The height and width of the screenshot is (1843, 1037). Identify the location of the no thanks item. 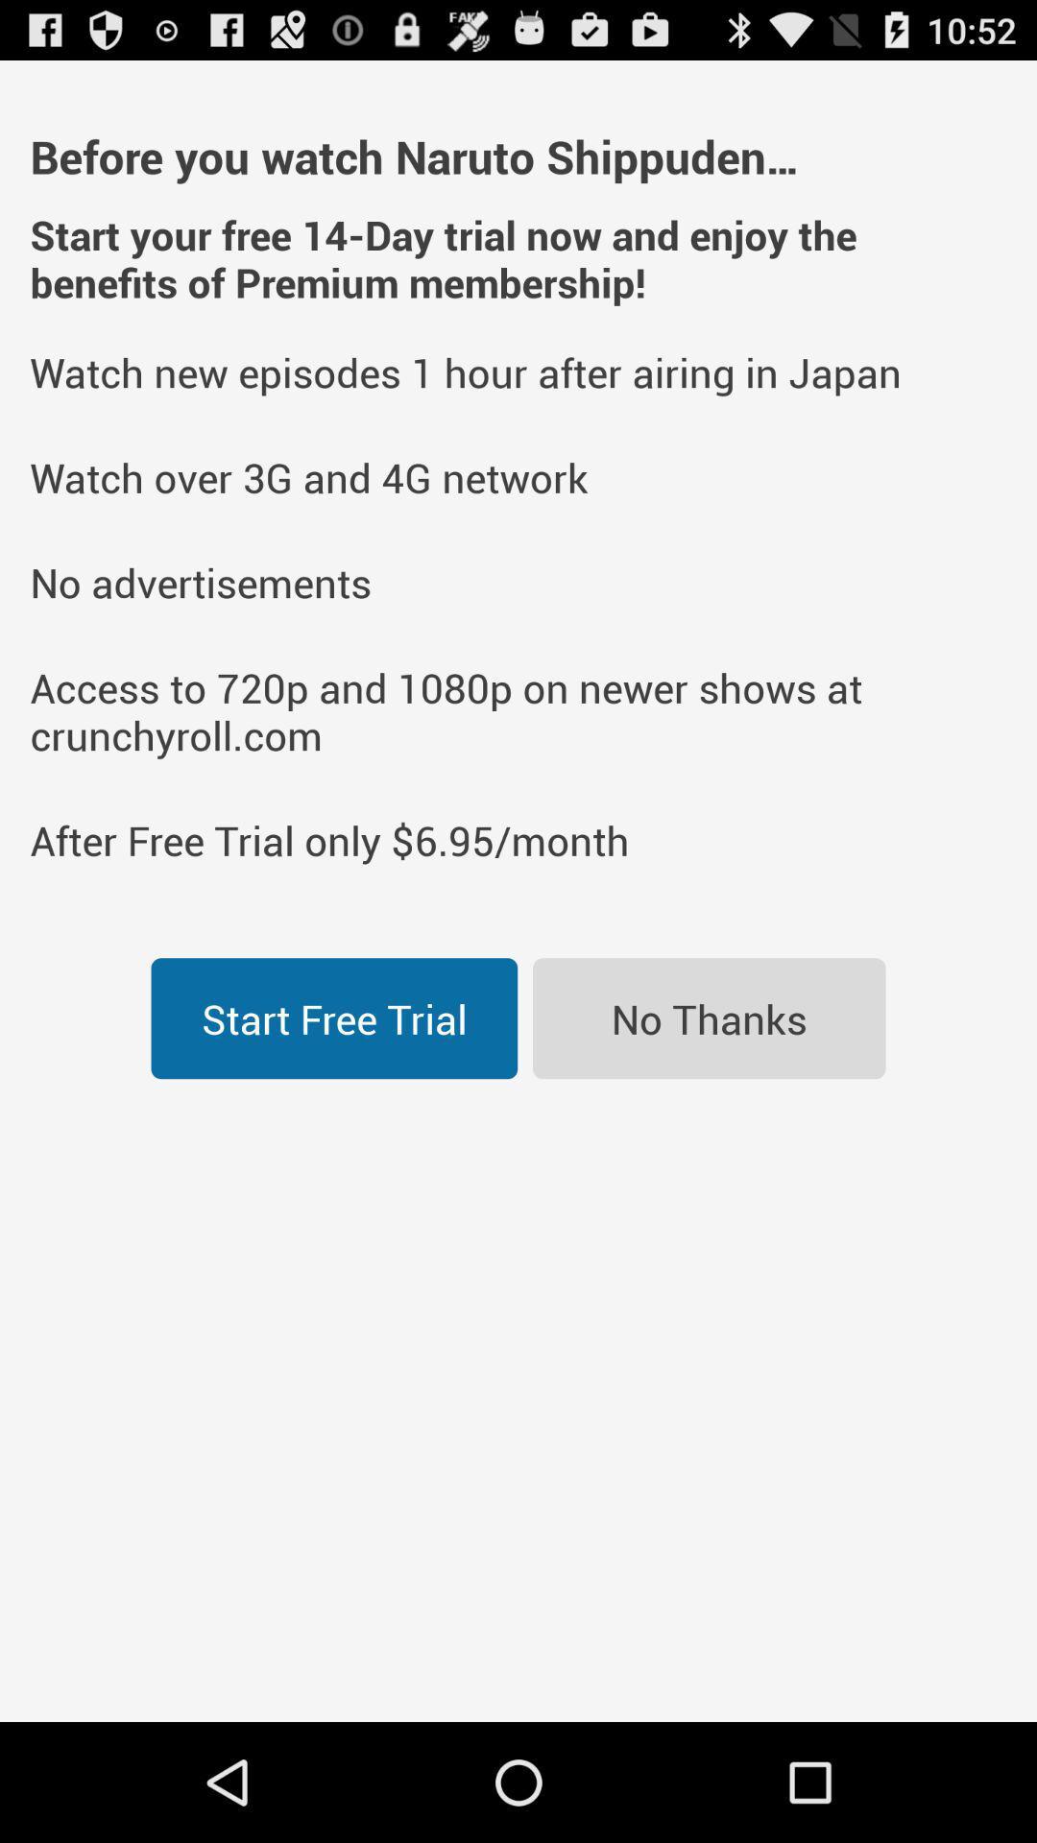
(709, 1017).